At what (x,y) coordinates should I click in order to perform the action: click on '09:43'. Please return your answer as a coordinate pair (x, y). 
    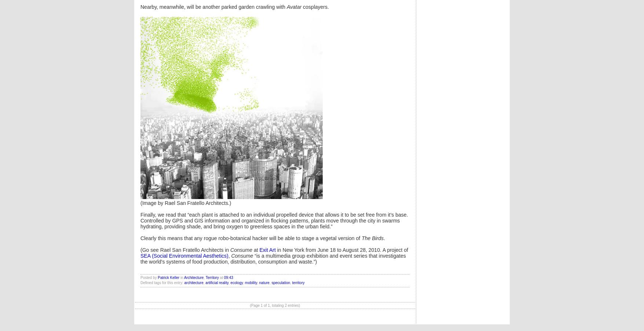
    Looking at the image, I should click on (228, 277).